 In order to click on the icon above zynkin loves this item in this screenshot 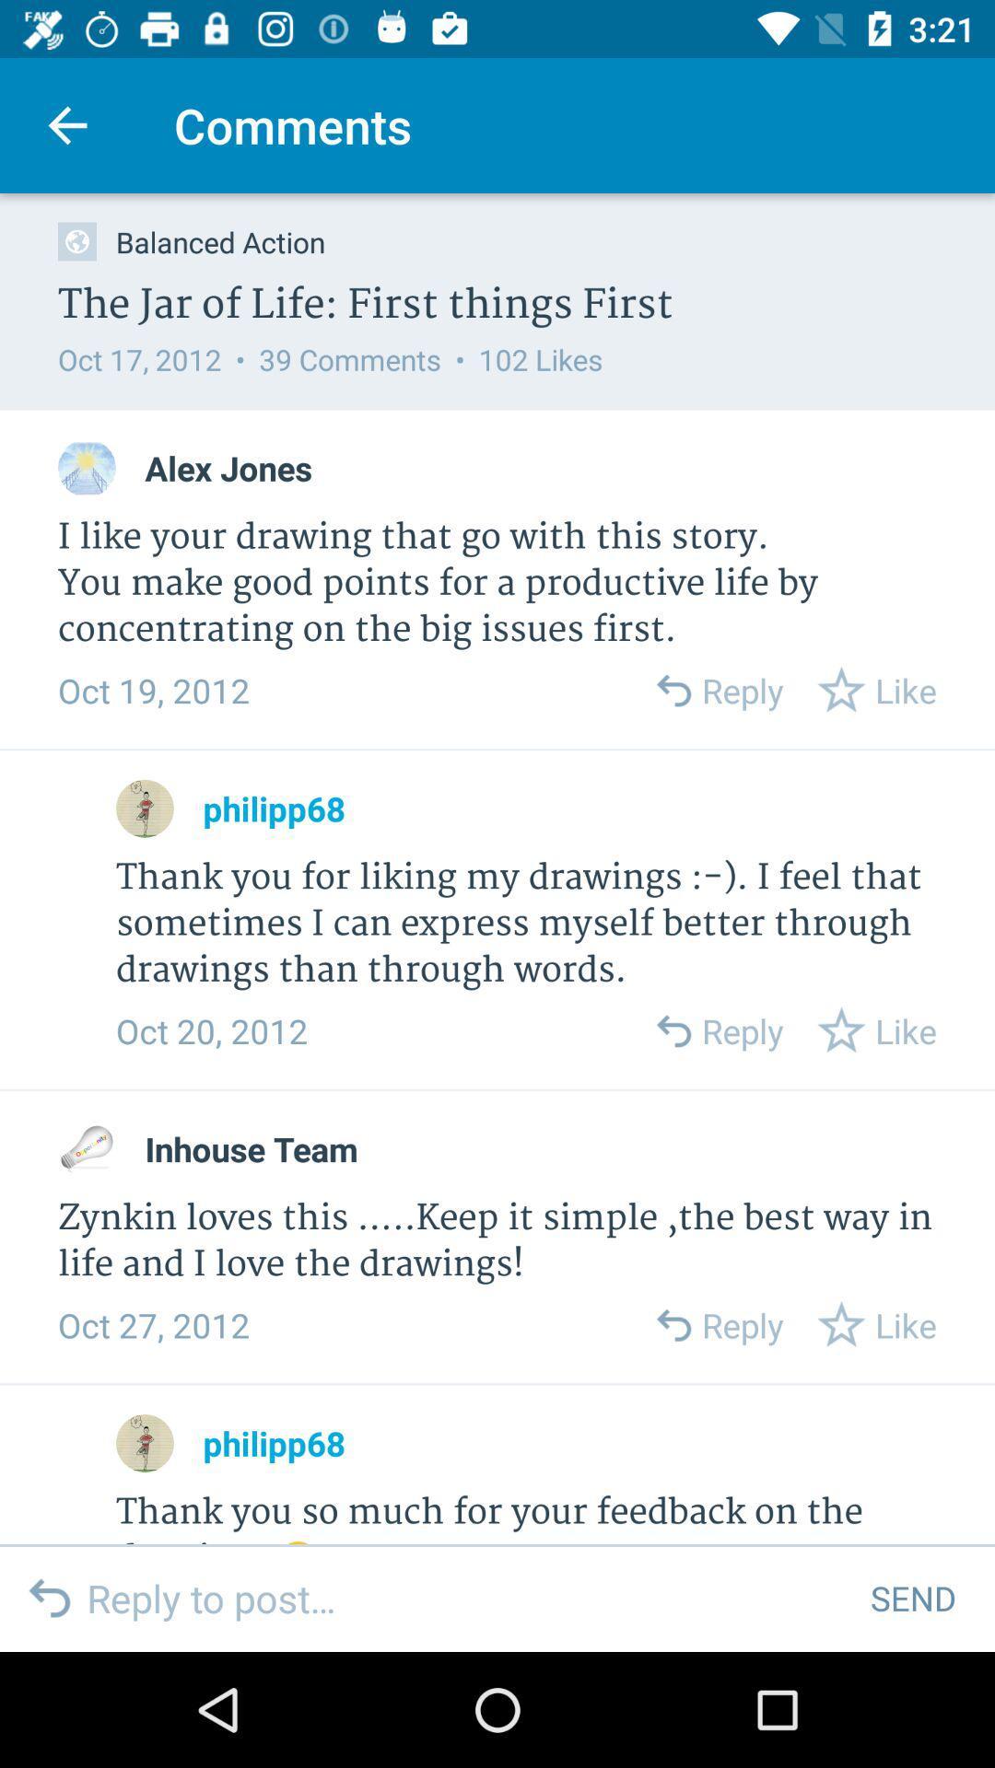, I will do `click(252, 1148)`.